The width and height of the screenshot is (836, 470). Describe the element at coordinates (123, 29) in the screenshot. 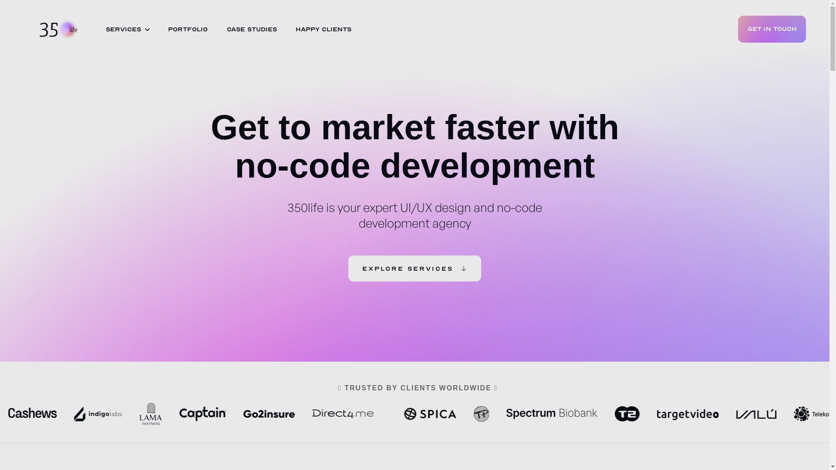

I see `'SERVICES'` at that location.